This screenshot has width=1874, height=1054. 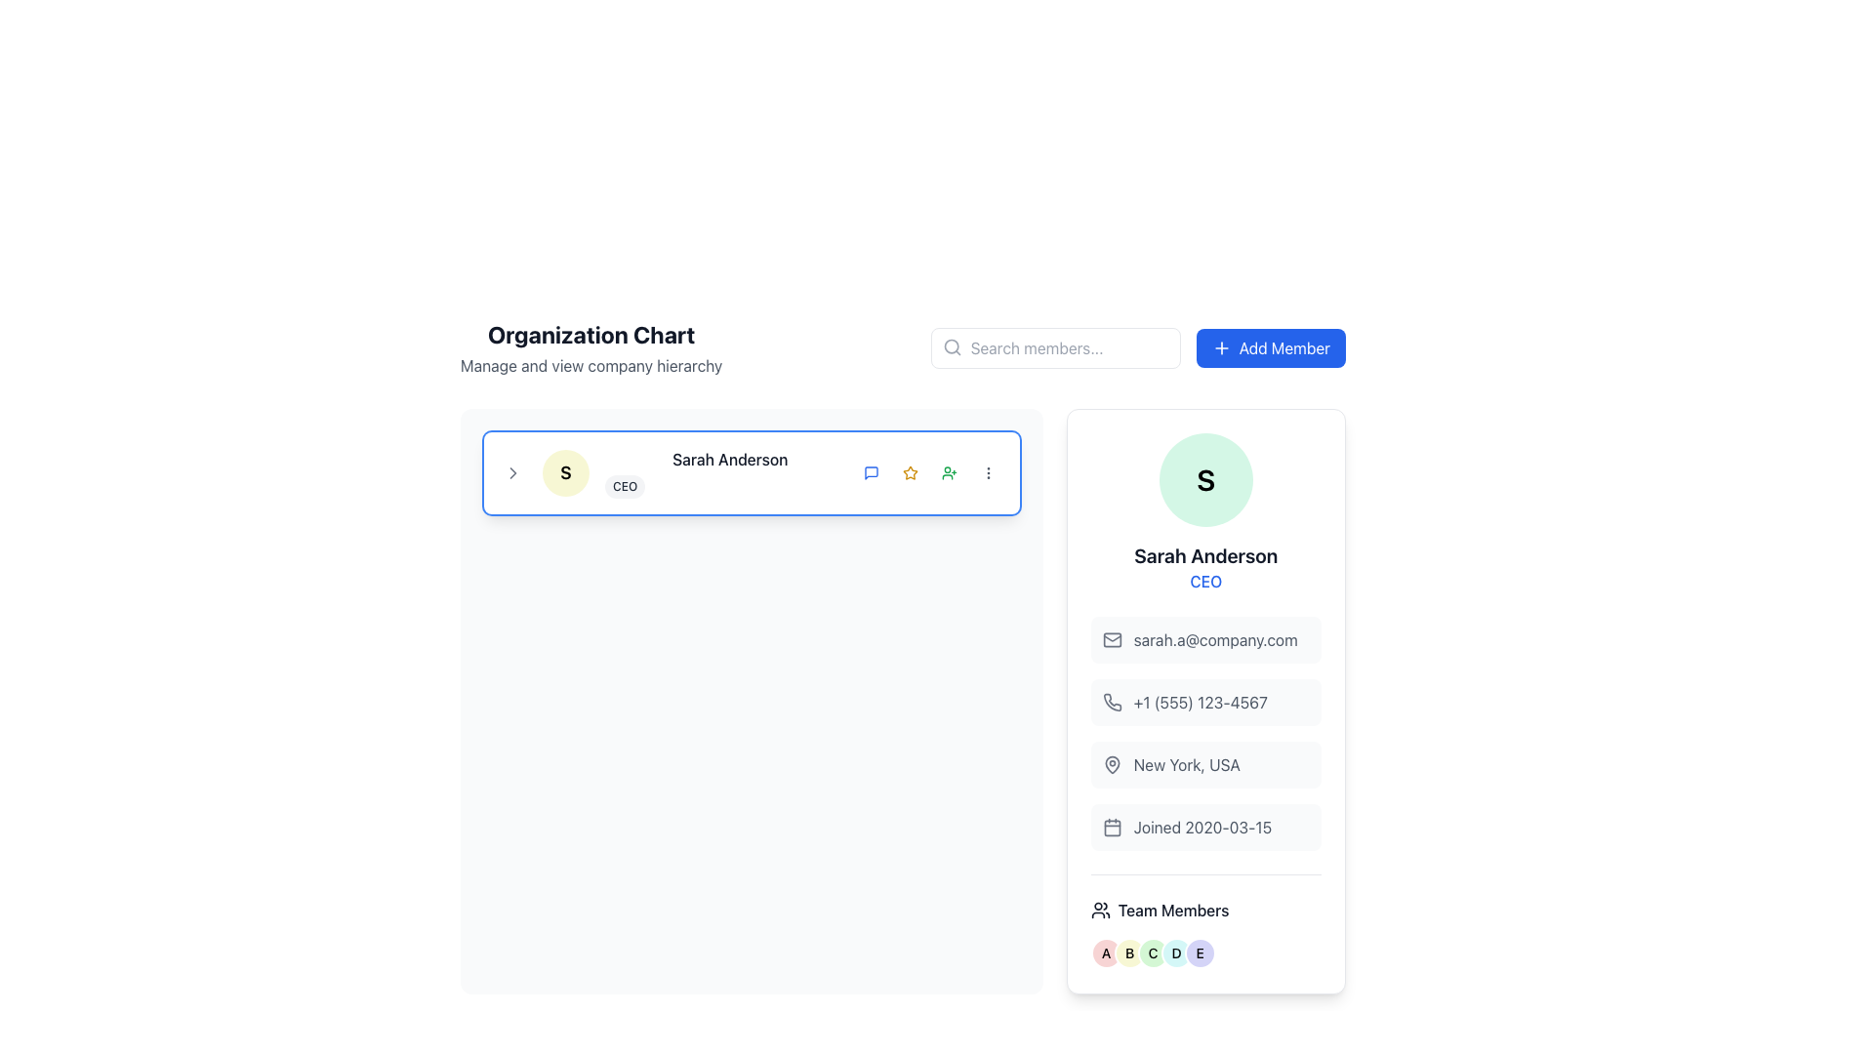 What do you see at coordinates (870, 473) in the screenshot?
I see `the first icon button with a speech bubble icon, located to the left of the yellow star-shaped button` at bounding box center [870, 473].